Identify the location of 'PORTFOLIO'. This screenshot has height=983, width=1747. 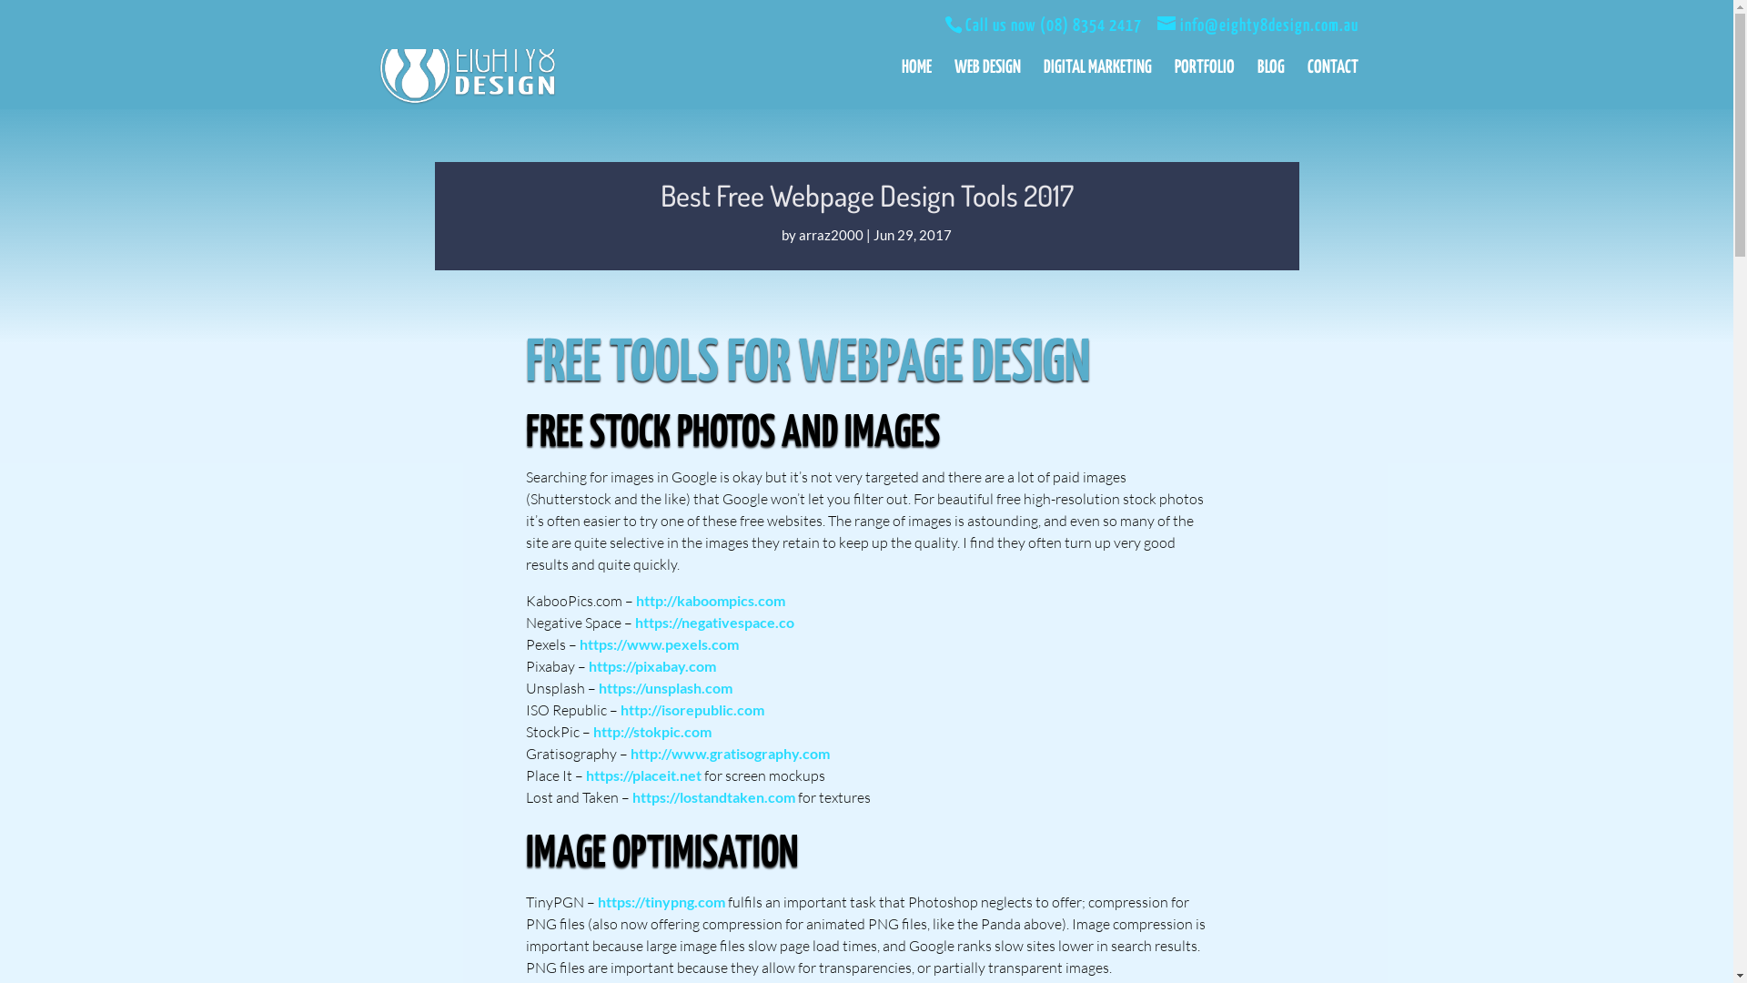
(1204, 85).